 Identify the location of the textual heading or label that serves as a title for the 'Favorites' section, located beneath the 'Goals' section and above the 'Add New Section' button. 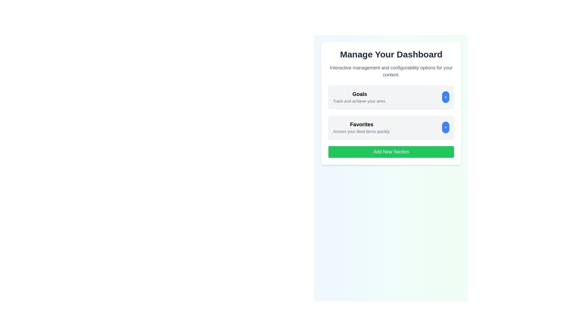
(361, 124).